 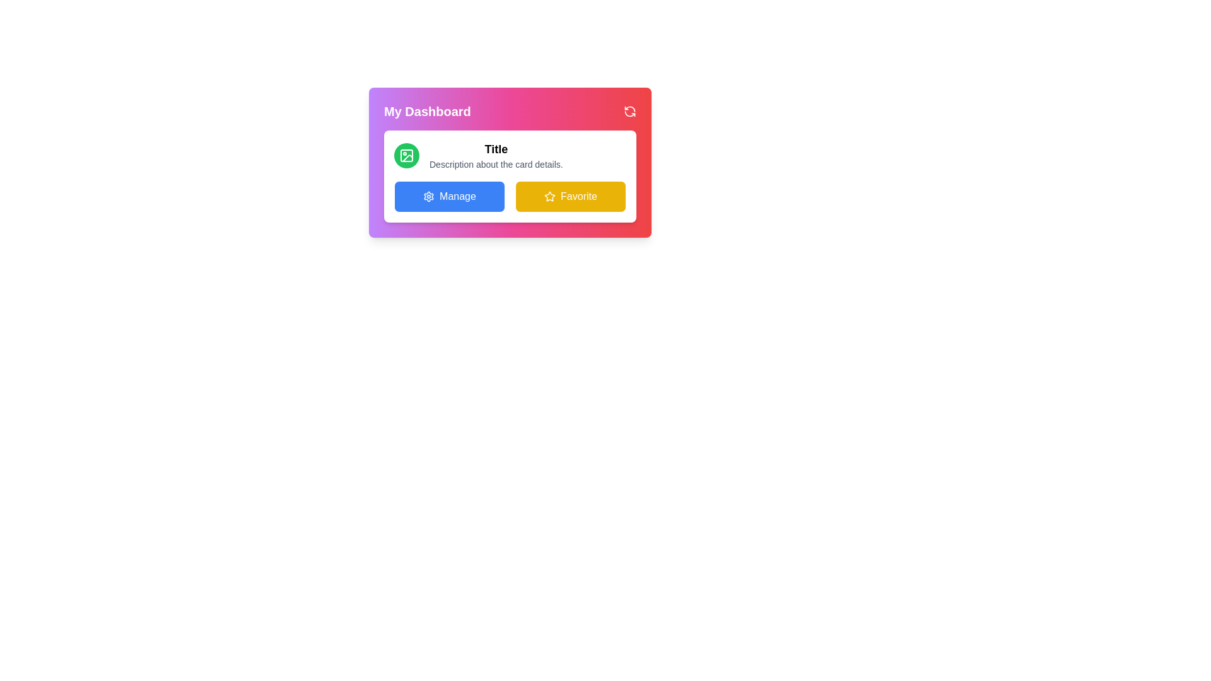 What do you see at coordinates (570, 197) in the screenshot?
I see `the 'Favorite' button with a yellow background and rounded corners located in the lower-right corner of the 'My Dashboard' card` at bounding box center [570, 197].